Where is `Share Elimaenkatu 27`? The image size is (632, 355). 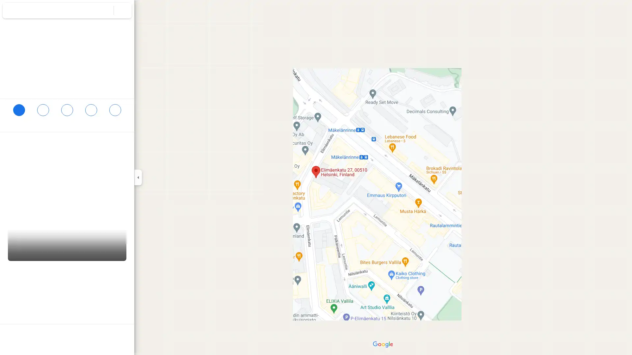 Share Elimaenkatu 27 is located at coordinates (115, 112).